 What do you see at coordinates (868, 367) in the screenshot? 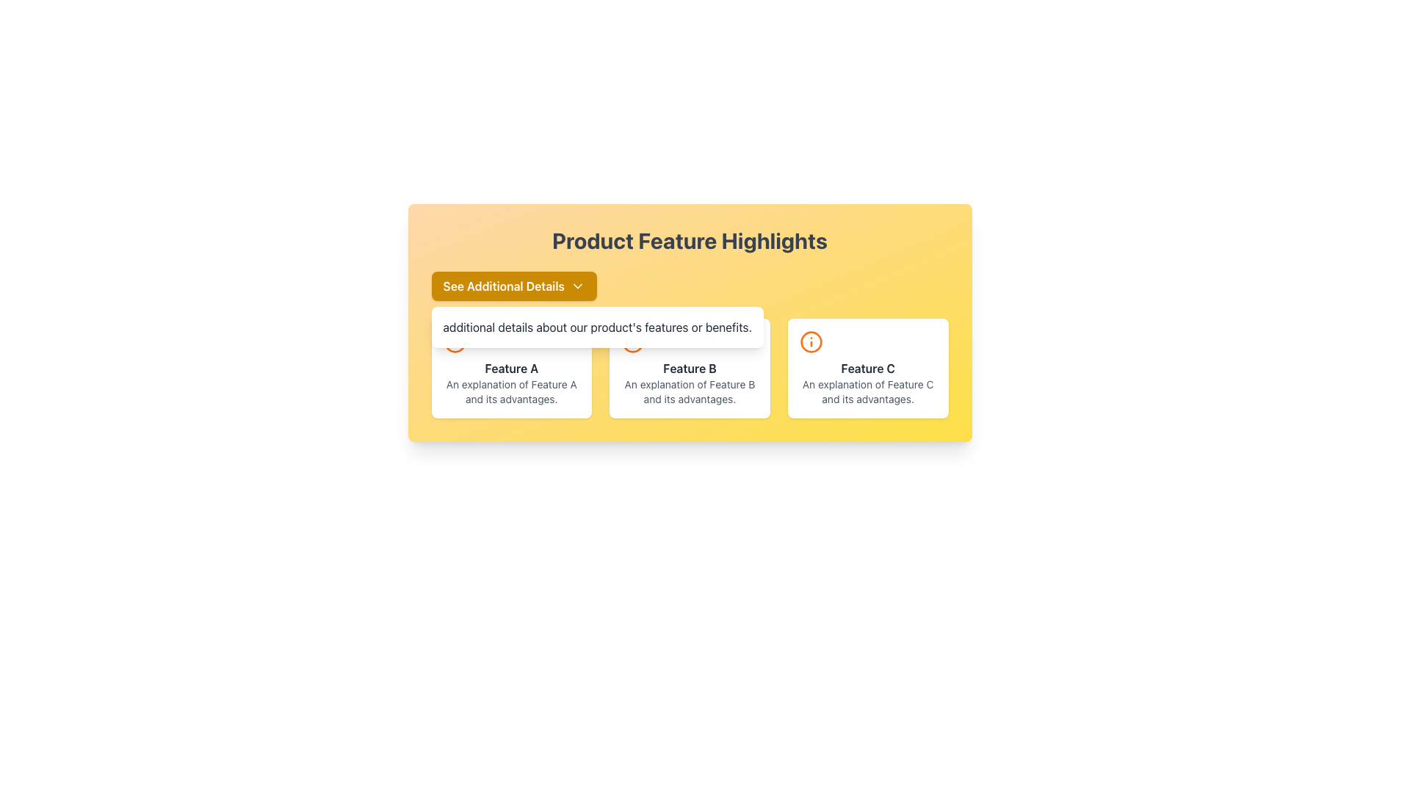
I see `the Informational card titled 'Feature C', which is the third card in a grid layout, displaying an 'i' icon in orange, a bold title in dark gray, and a light gray subtitle` at bounding box center [868, 367].